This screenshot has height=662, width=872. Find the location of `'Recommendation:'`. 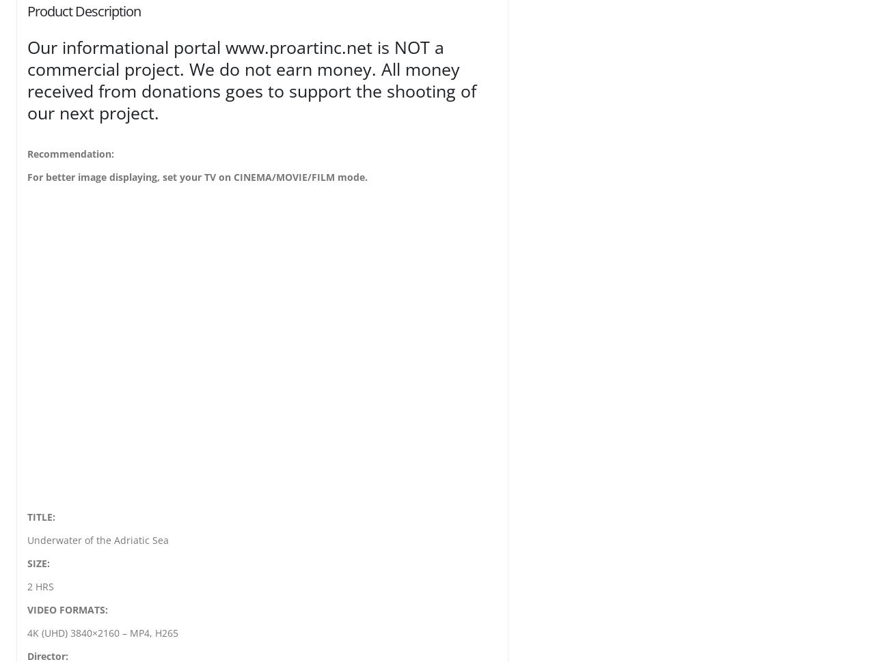

'Recommendation:' is located at coordinates (70, 153).